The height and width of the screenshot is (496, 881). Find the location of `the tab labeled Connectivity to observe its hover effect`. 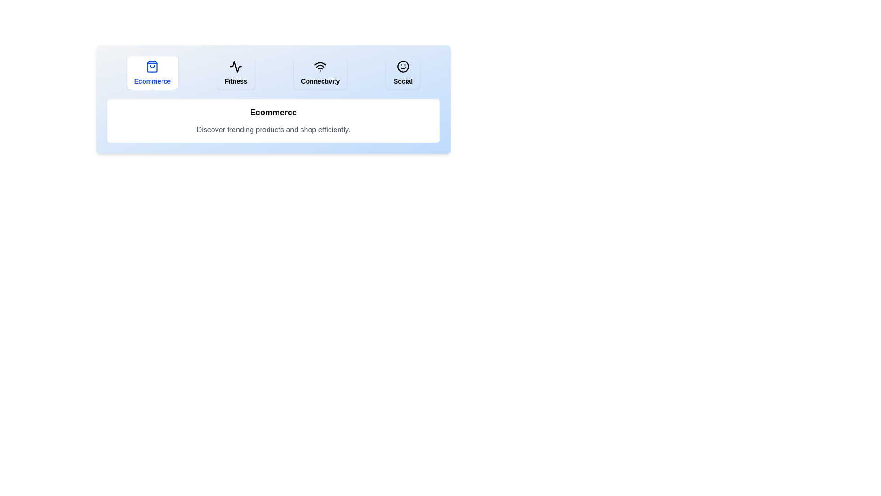

the tab labeled Connectivity to observe its hover effect is located at coordinates (320, 72).